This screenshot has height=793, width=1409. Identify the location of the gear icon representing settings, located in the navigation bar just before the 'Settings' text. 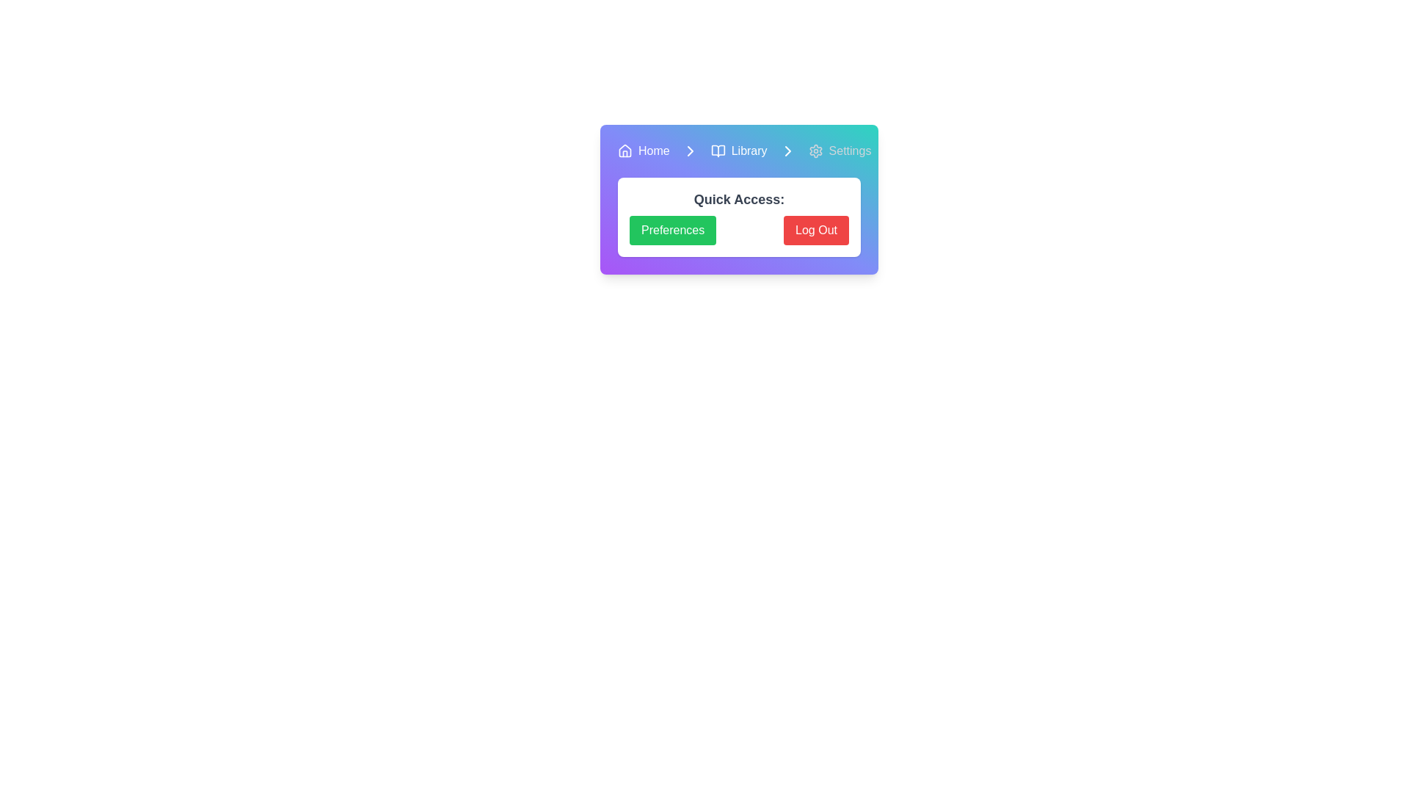
(815, 151).